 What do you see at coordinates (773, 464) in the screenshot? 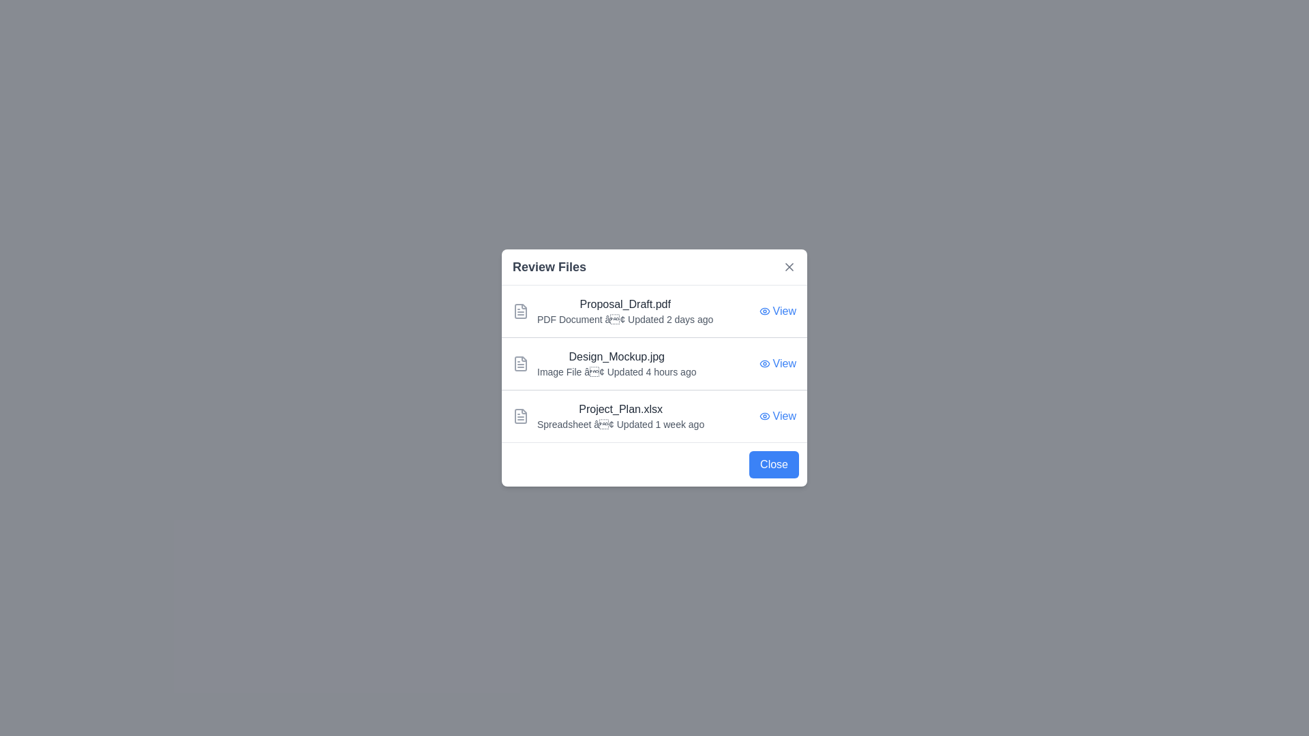
I see `the 'Close' button to close the dialog` at bounding box center [773, 464].